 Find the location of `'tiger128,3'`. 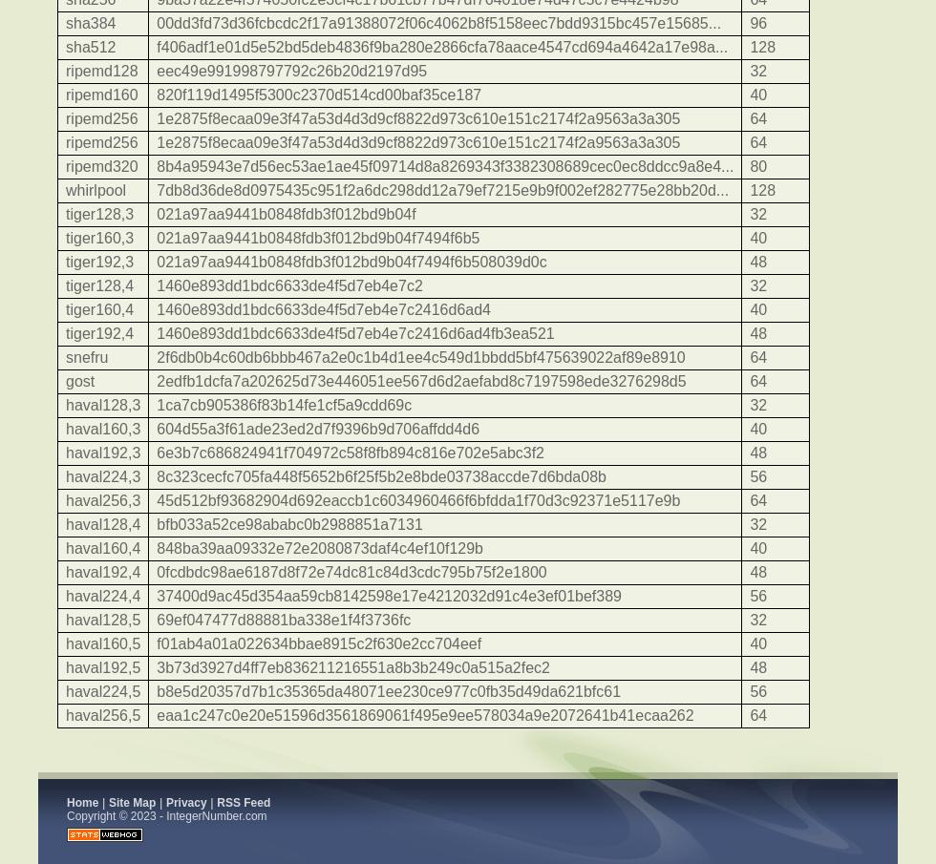

'tiger128,3' is located at coordinates (99, 213).